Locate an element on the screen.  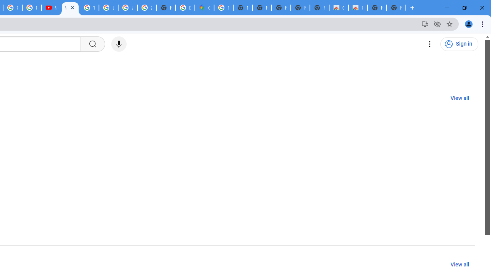
'New Tab' is located at coordinates (396, 8).